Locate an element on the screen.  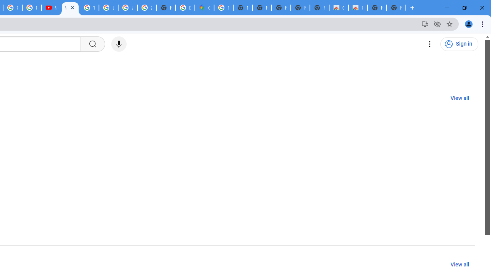
'New Tab' is located at coordinates (396, 8).